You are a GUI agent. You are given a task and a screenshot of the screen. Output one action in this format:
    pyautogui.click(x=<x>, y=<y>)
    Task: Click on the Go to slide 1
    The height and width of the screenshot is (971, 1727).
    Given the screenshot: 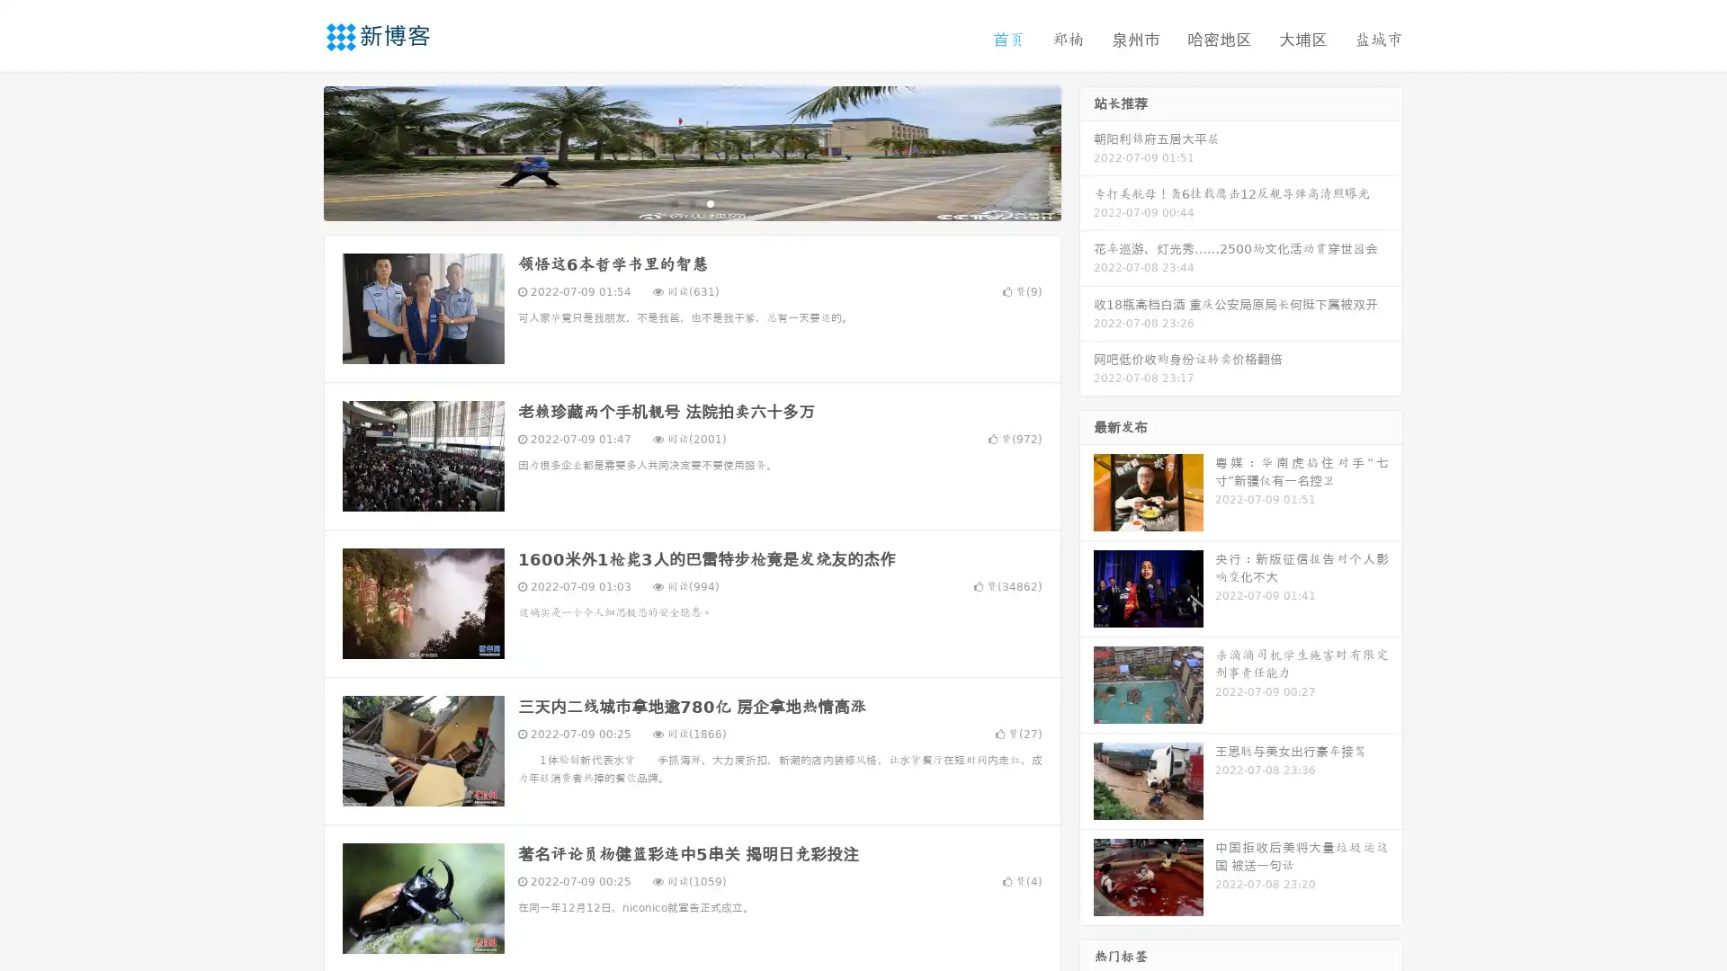 What is the action you would take?
    pyautogui.click(x=673, y=202)
    